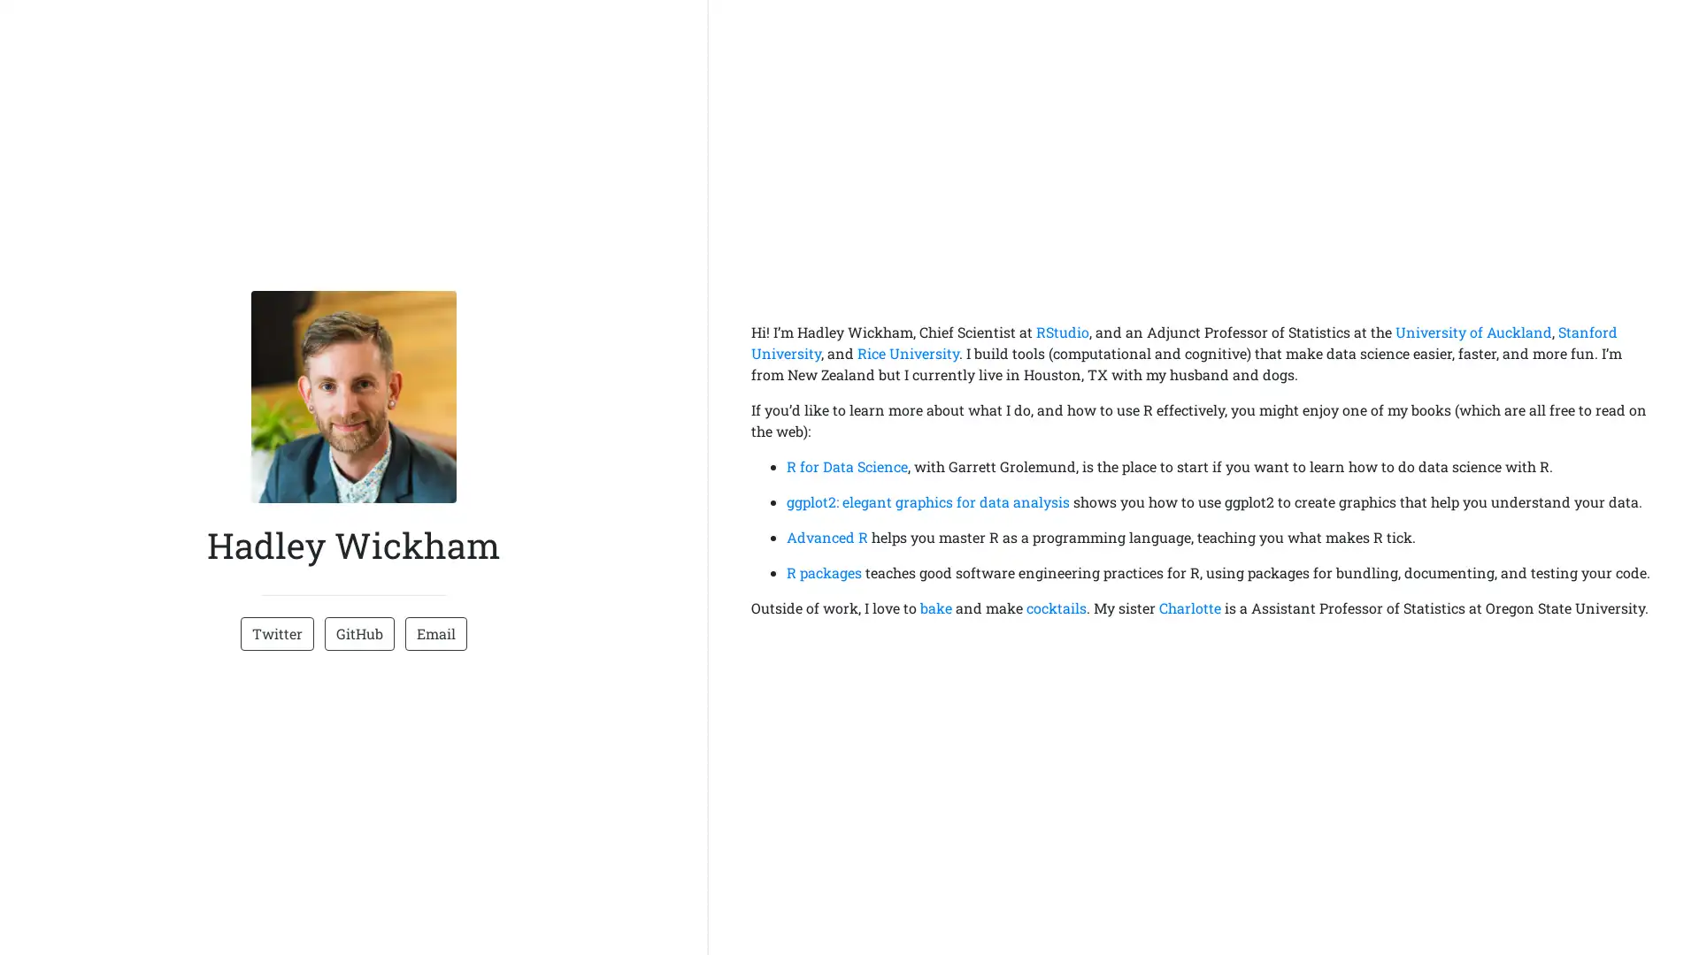 The image size is (1699, 955). Describe the element at coordinates (436, 632) in the screenshot. I see `Email` at that location.